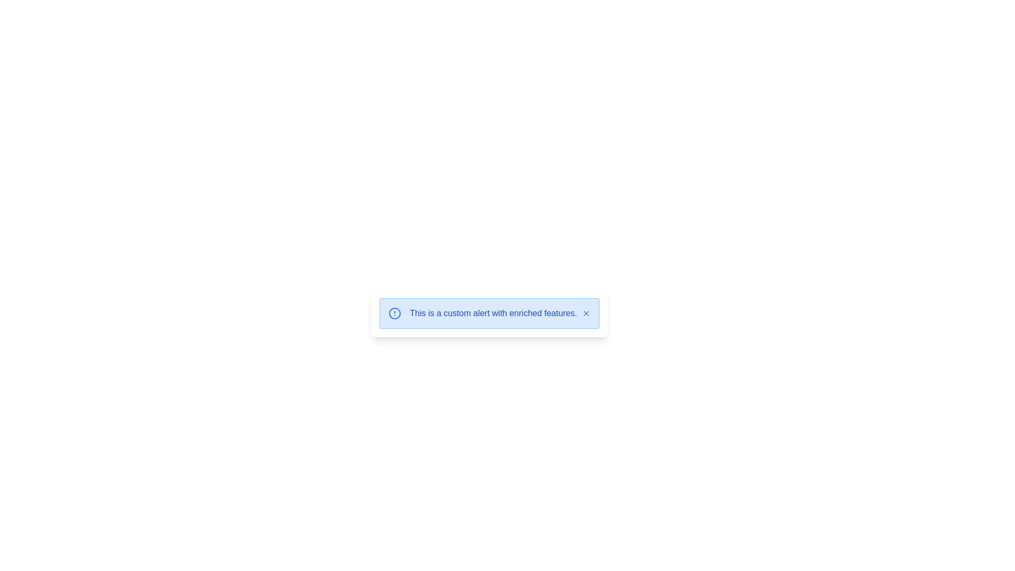 Image resolution: width=1015 pixels, height=571 pixels. Describe the element at coordinates (585, 313) in the screenshot. I see `the close button located at the rightmost corner of the alert box` at that location.